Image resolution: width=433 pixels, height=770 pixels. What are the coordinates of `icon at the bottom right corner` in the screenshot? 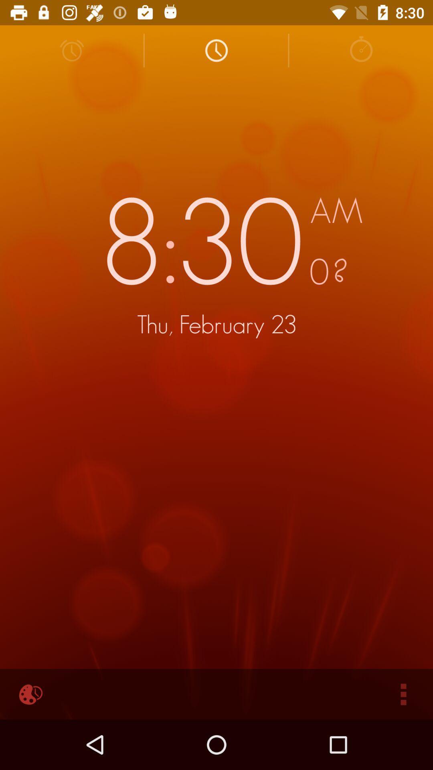 It's located at (403, 694).